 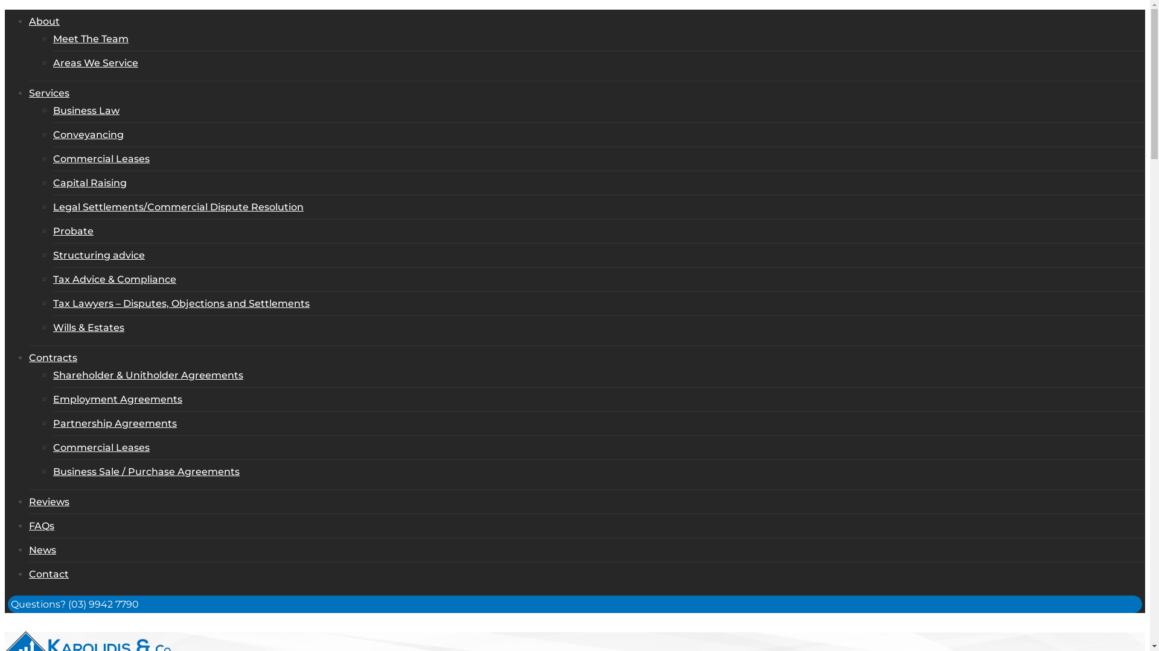 I want to click on 'Structuring advice', so click(x=52, y=254).